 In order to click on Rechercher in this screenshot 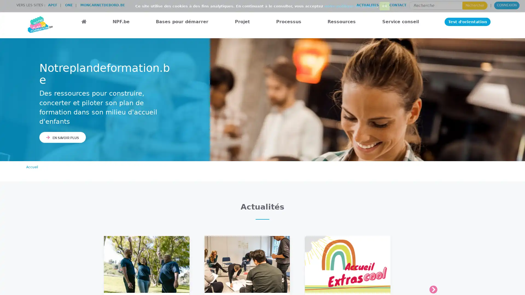, I will do `click(475, 5)`.